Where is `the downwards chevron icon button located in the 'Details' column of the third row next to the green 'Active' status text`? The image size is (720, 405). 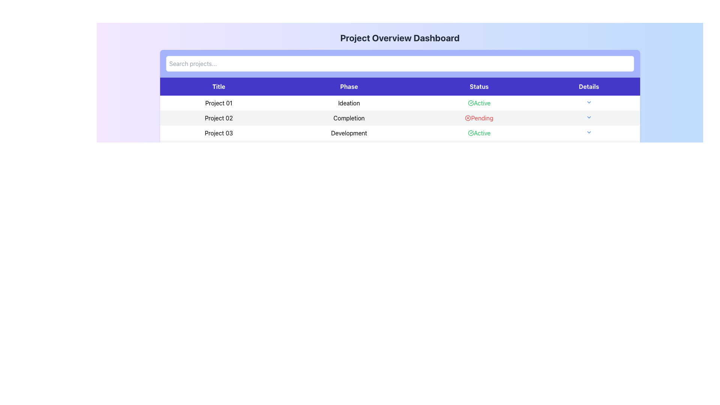
the downwards chevron icon button located in the 'Details' column of the third row next to the green 'Active' status text is located at coordinates (588, 132).